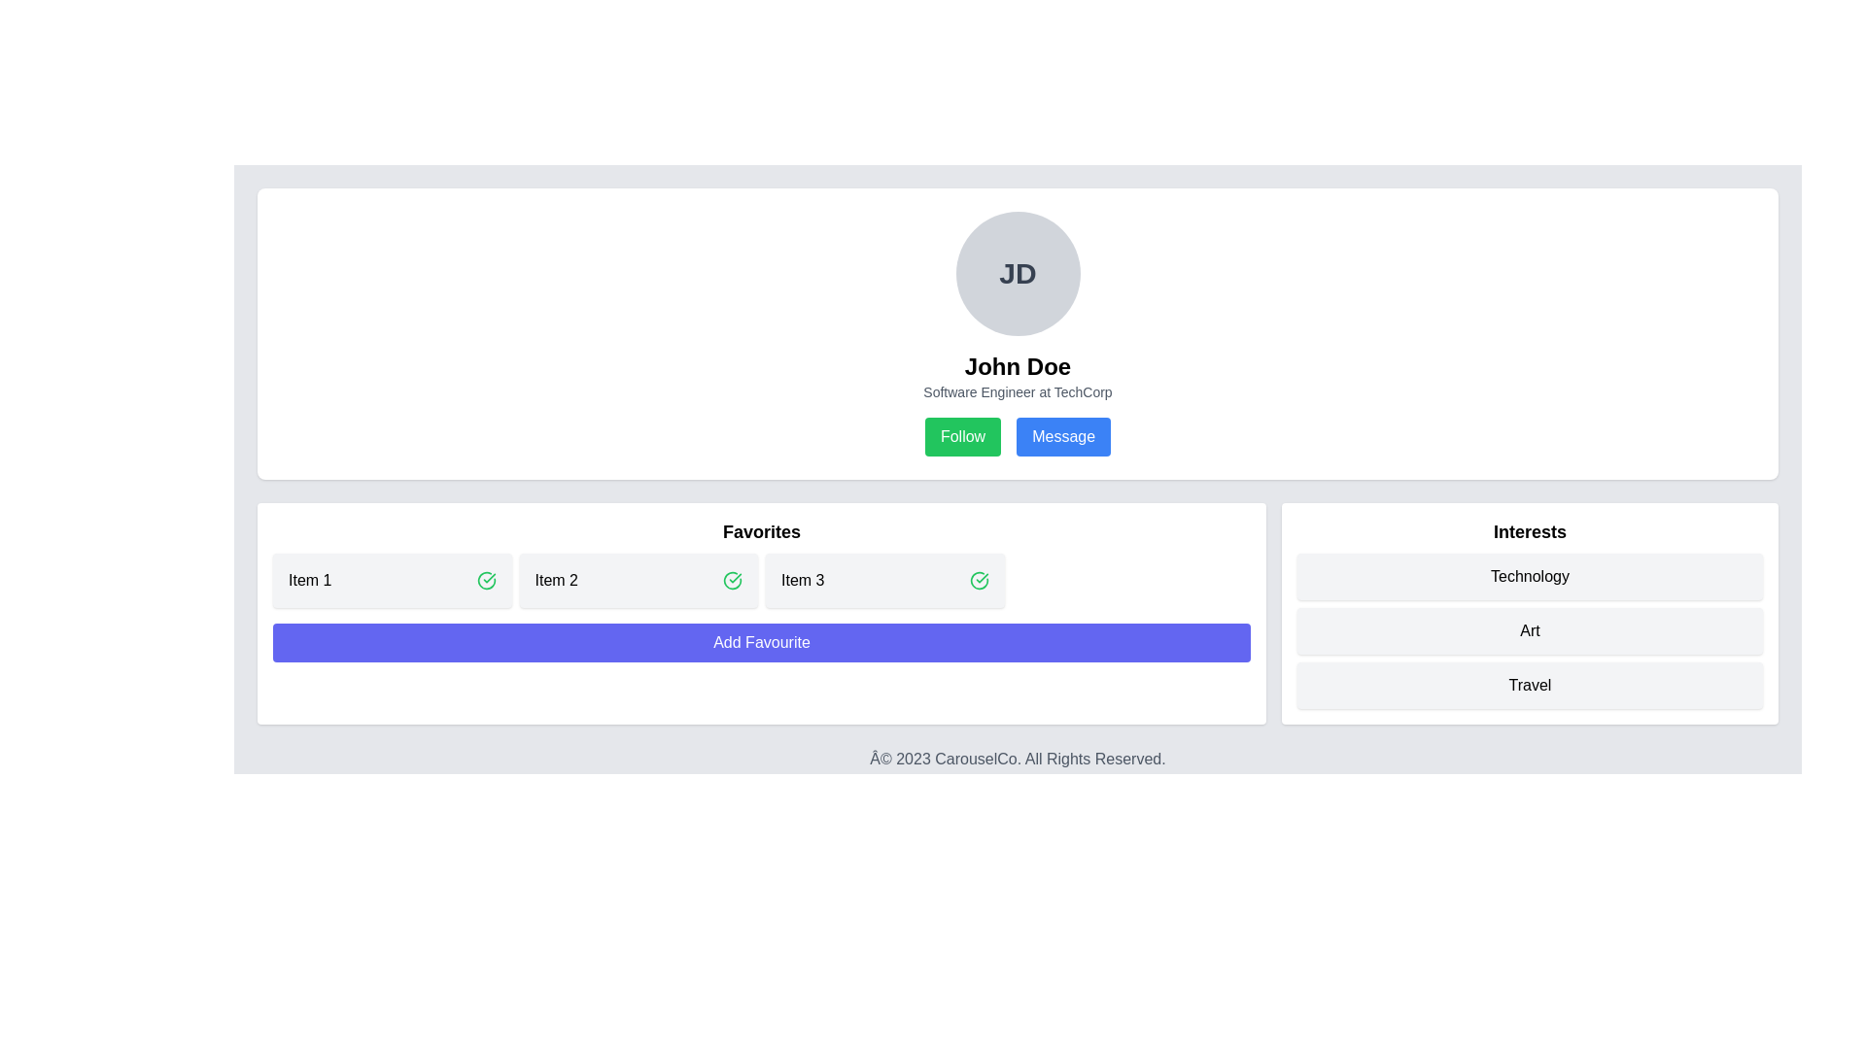  I want to click on the Circle icon with a checkmark located on the right side of the 'Item 3' block within the 'Favorites' section, which indicates success or confirmation, so click(979, 579).